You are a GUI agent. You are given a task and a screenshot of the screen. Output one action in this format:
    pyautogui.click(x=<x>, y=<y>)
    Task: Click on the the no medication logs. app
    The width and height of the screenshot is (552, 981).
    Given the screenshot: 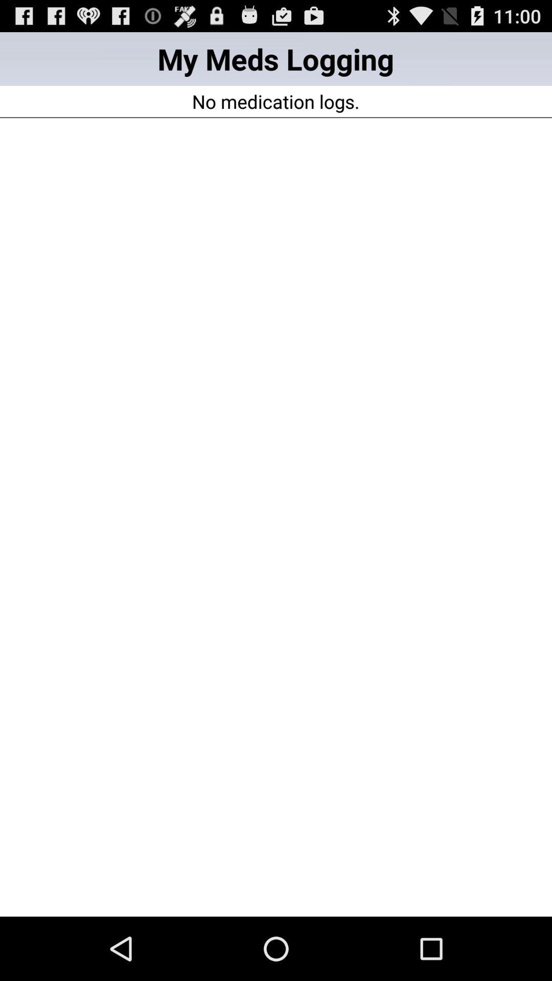 What is the action you would take?
    pyautogui.click(x=275, y=101)
    